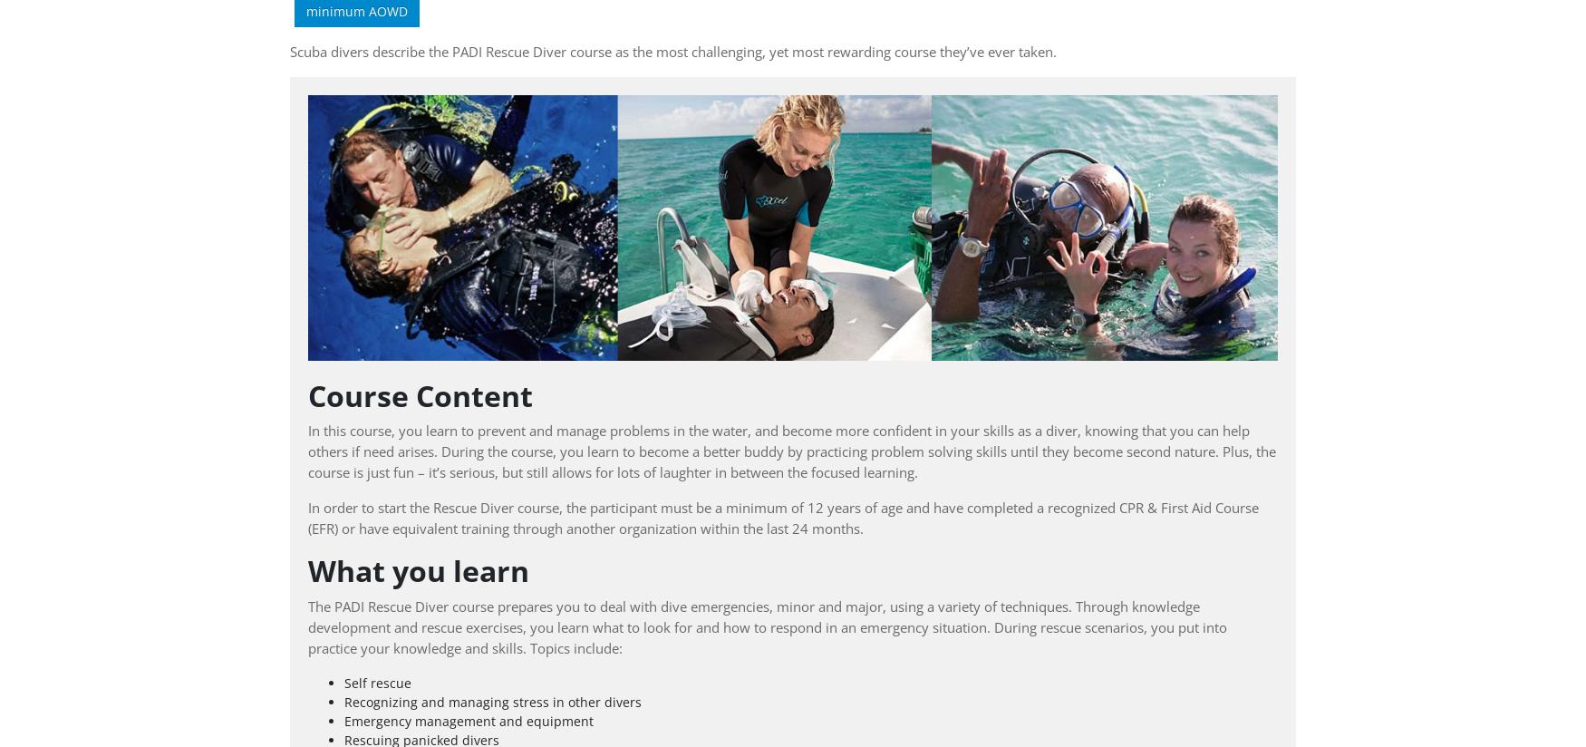 Image resolution: width=1586 pixels, height=747 pixels. What do you see at coordinates (377, 682) in the screenshot?
I see `'Self rescue'` at bounding box center [377, 682].